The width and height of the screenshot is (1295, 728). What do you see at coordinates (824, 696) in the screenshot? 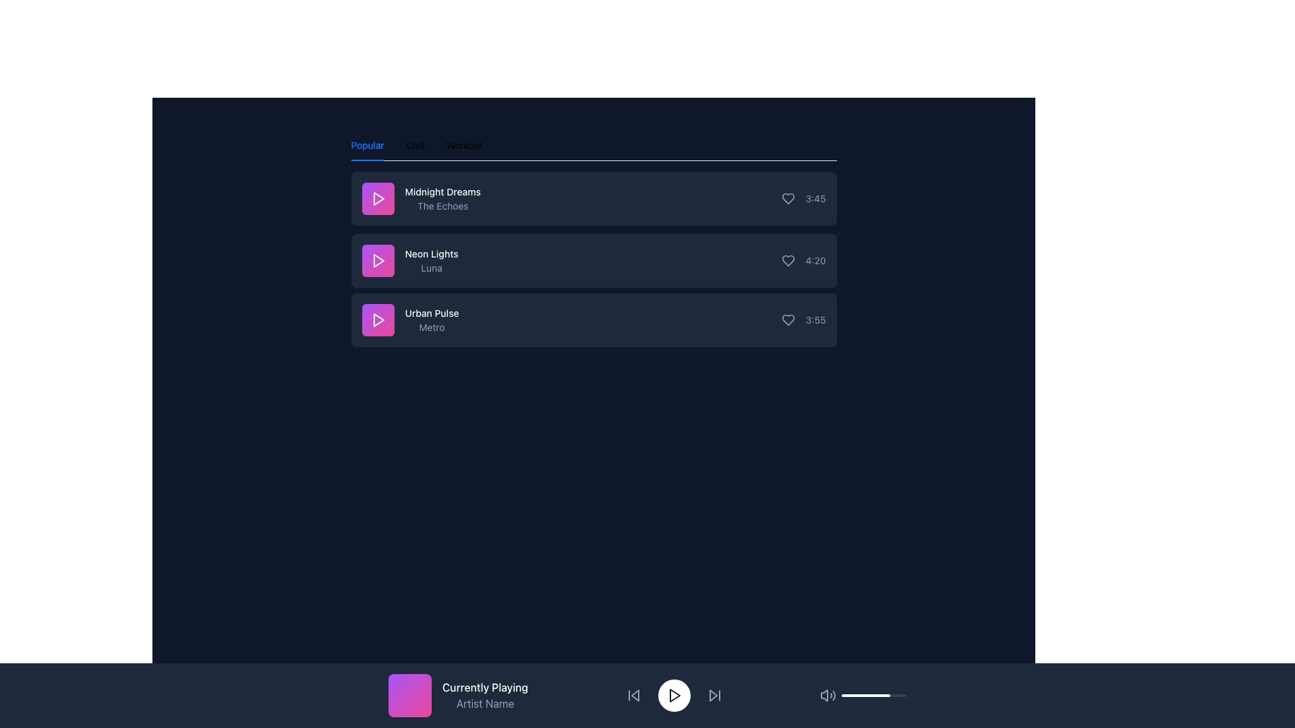
I see `the left part of the audio icon, which is a small segment filled with light gray color located in the bottom-right section of the interface, near volume control and playback buttons` at bounding box center [824, 696].